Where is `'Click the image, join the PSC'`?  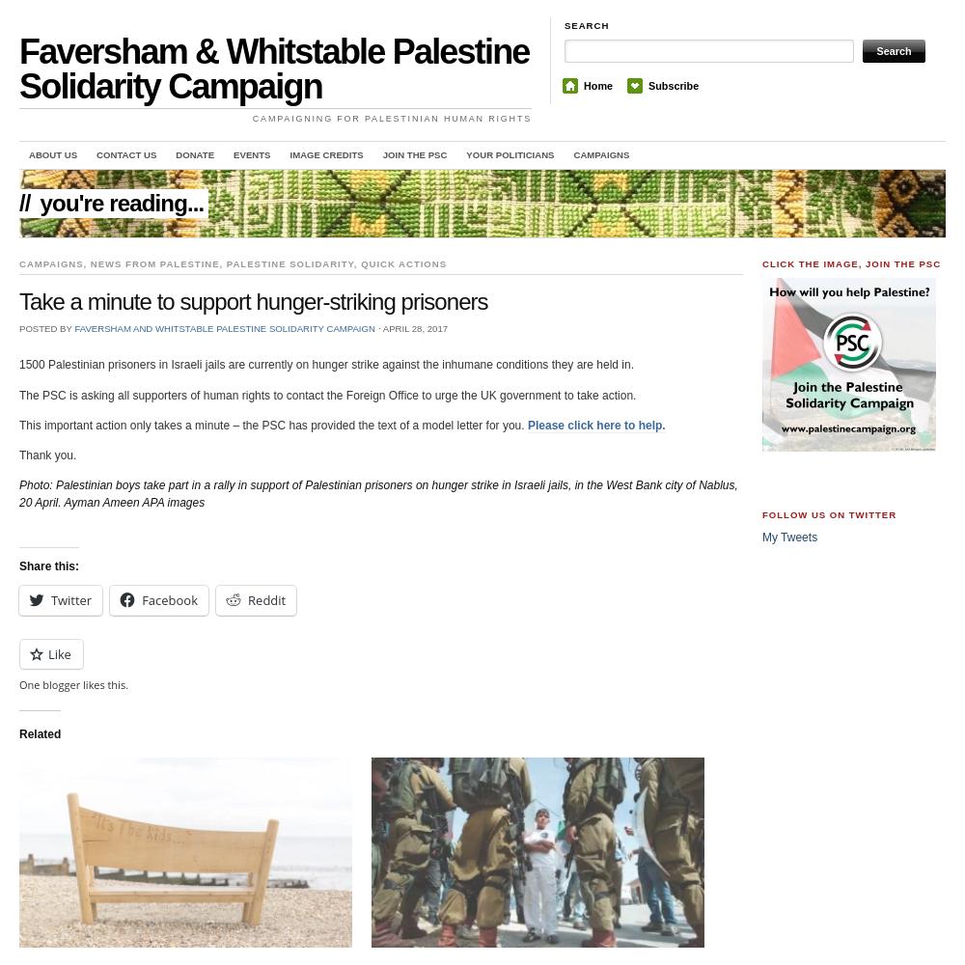
'Click the image, join the PSC' is located at coordinates (851, 262).